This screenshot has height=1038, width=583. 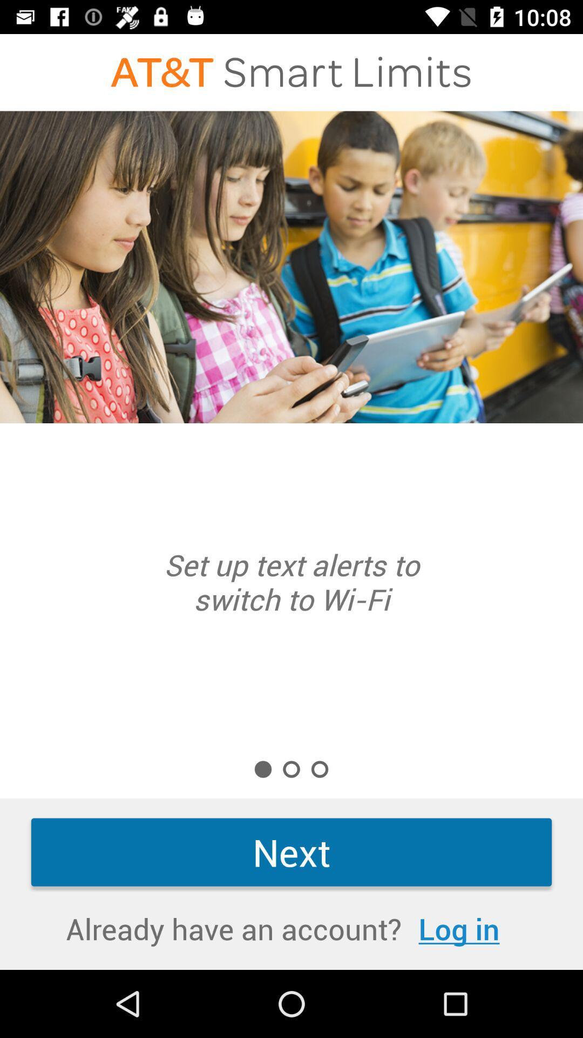 What do you see at coordinates (459, 928) in the screenshot?
I see `icon next to already have an item` at bounding box center [459, 928].